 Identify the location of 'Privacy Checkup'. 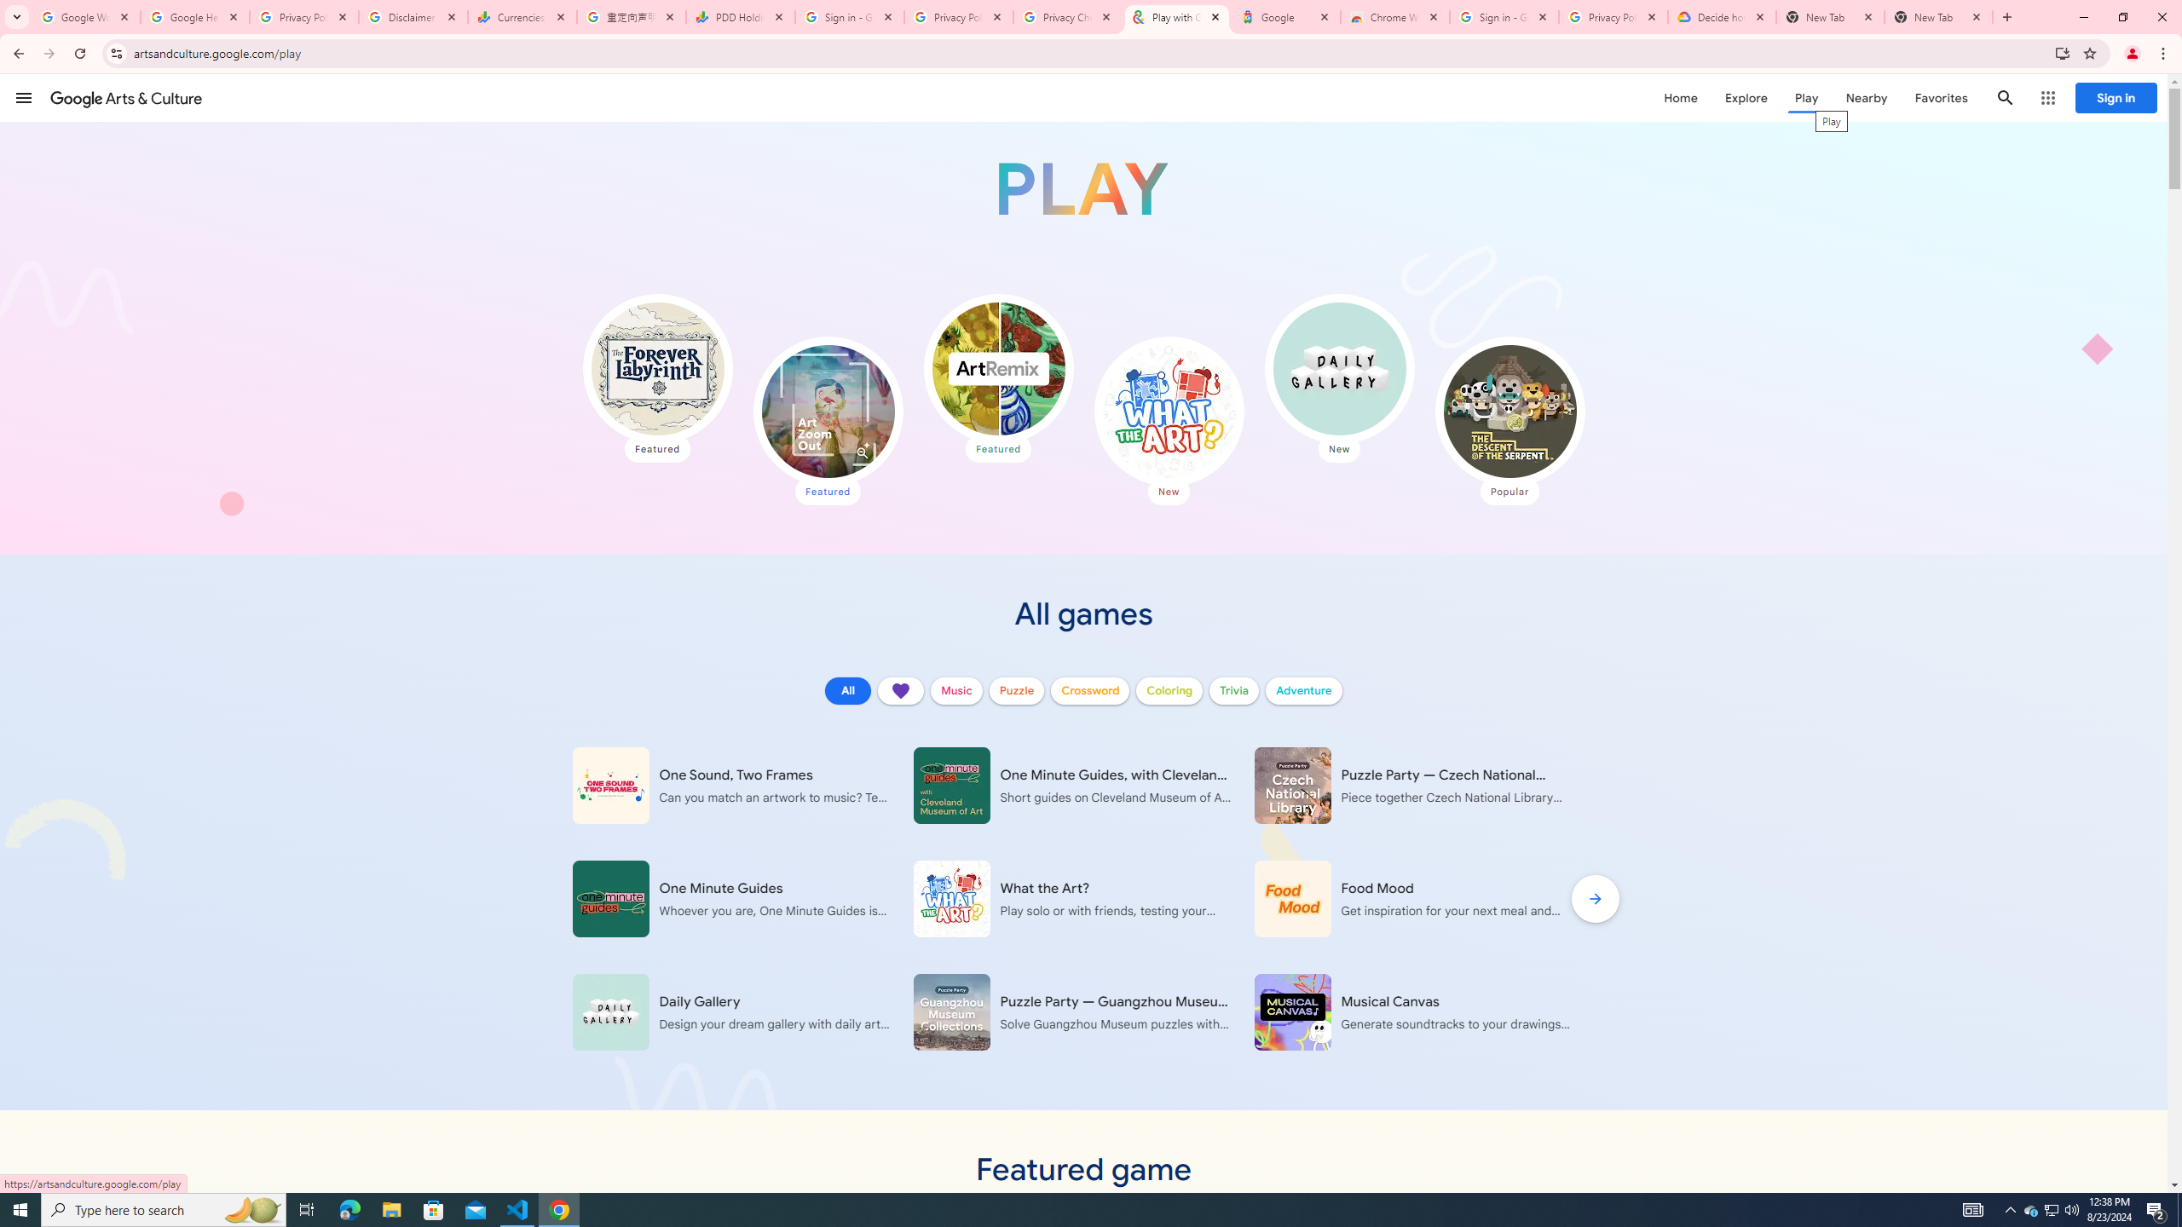
(1067, 16).